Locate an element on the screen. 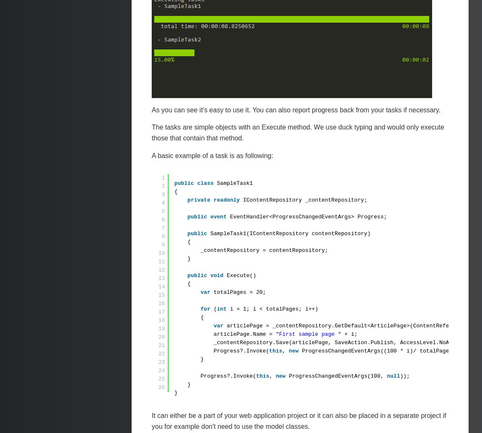 The image size is (482, 433). '1' is located at coordinates (163, 178).